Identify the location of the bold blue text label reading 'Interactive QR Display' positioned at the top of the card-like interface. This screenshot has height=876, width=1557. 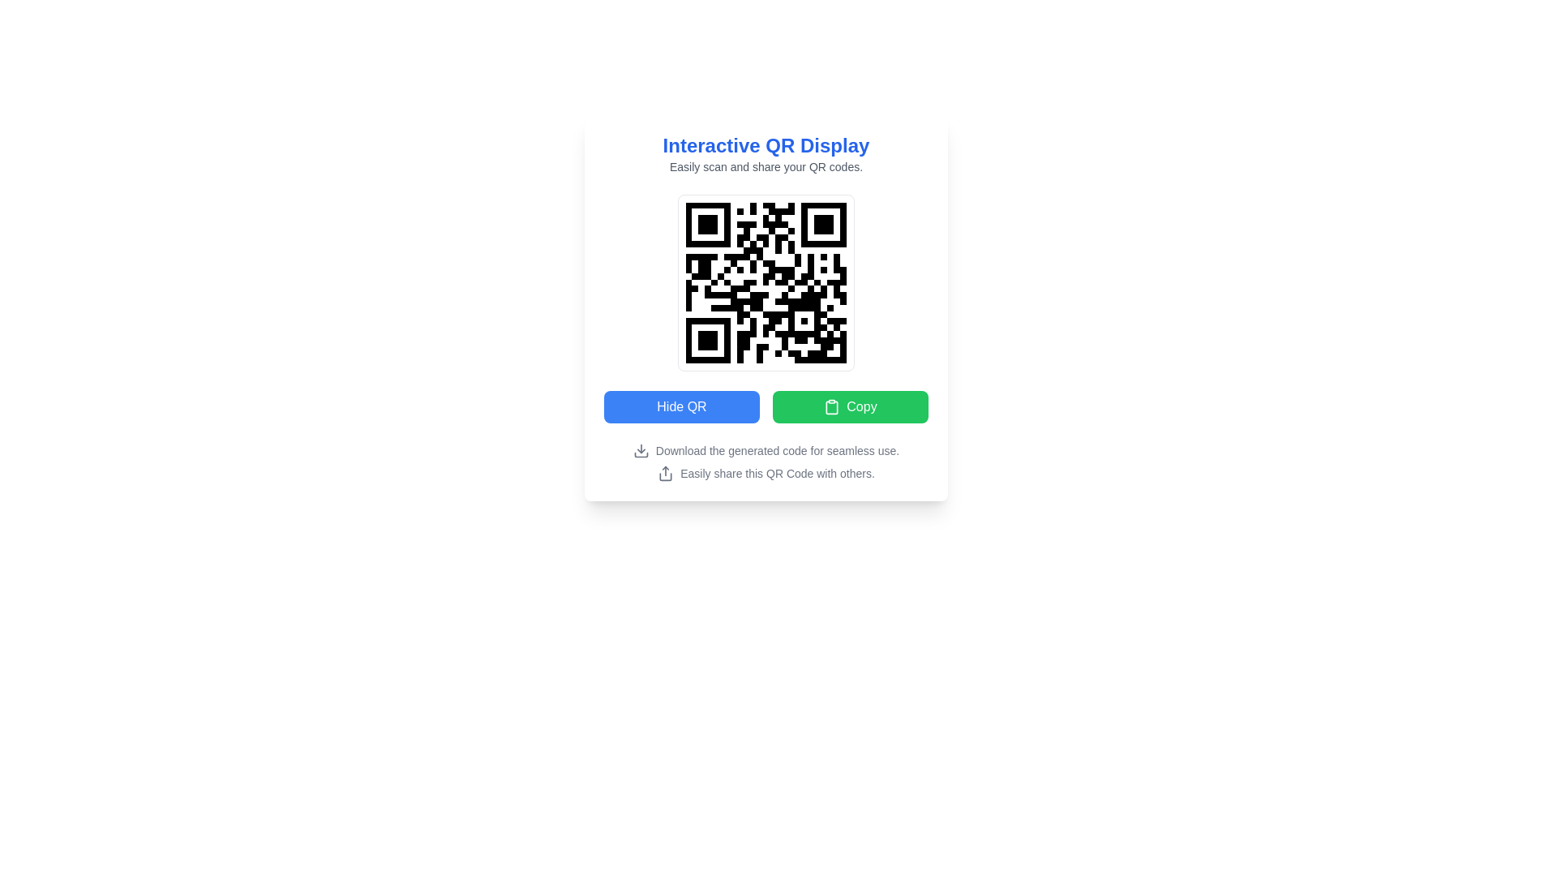
(766, 146).